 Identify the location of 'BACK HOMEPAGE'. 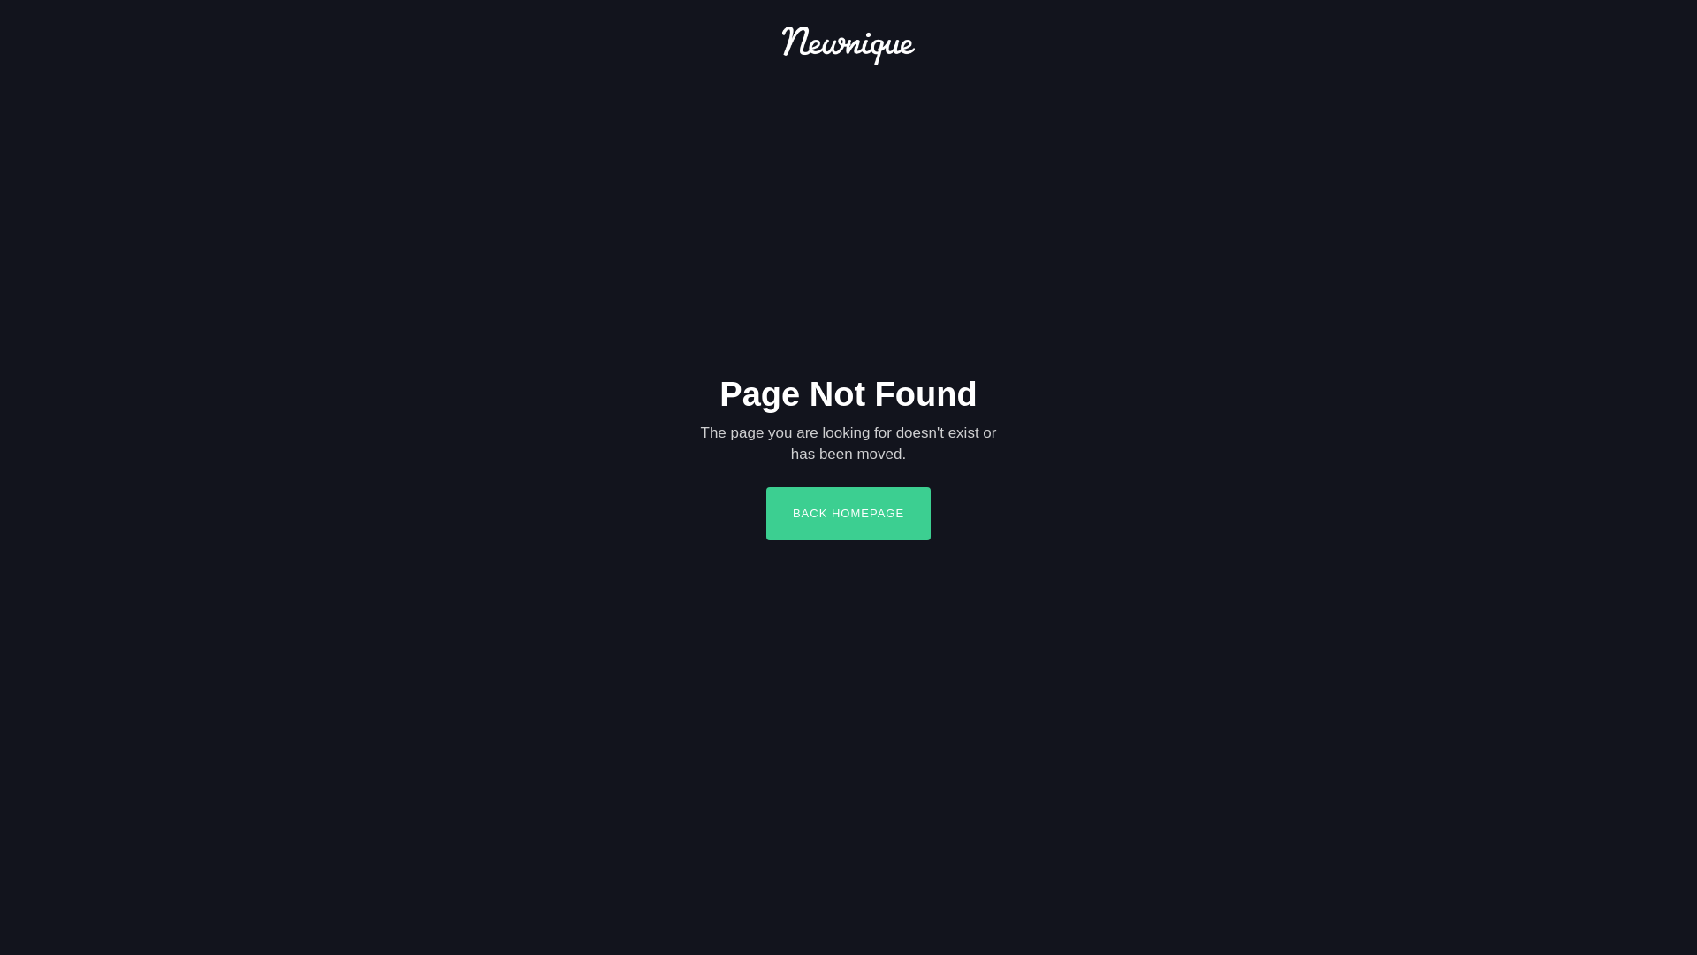
(848, 514).